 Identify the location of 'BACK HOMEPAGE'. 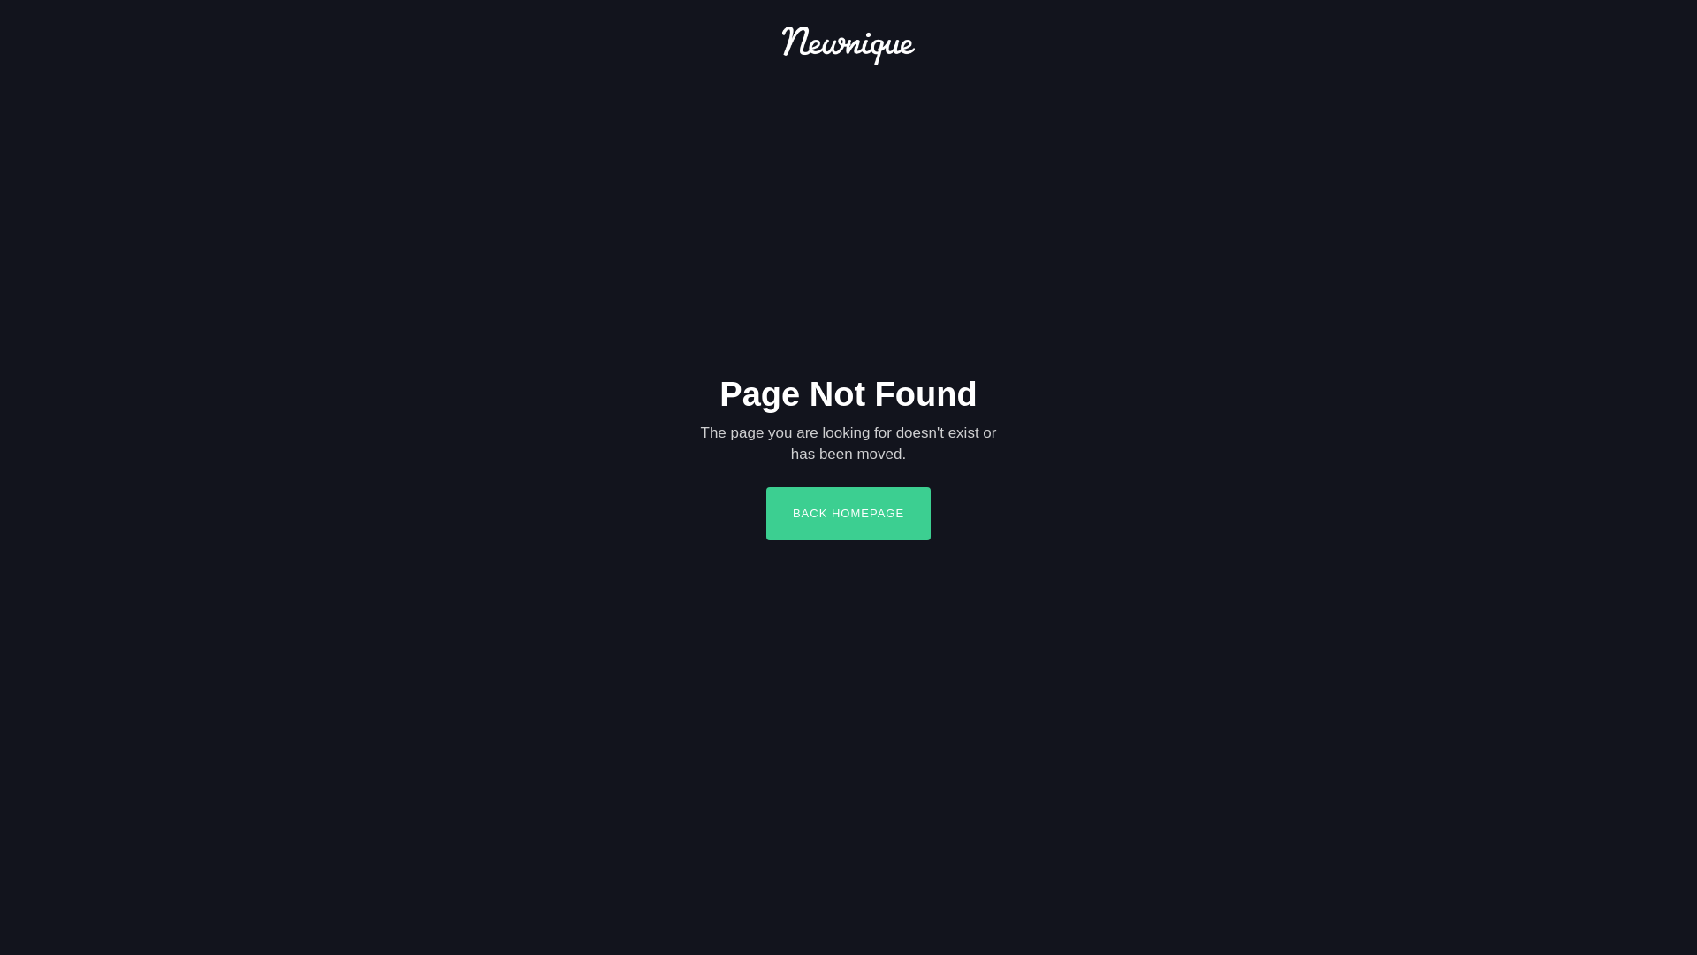
(848, 514).